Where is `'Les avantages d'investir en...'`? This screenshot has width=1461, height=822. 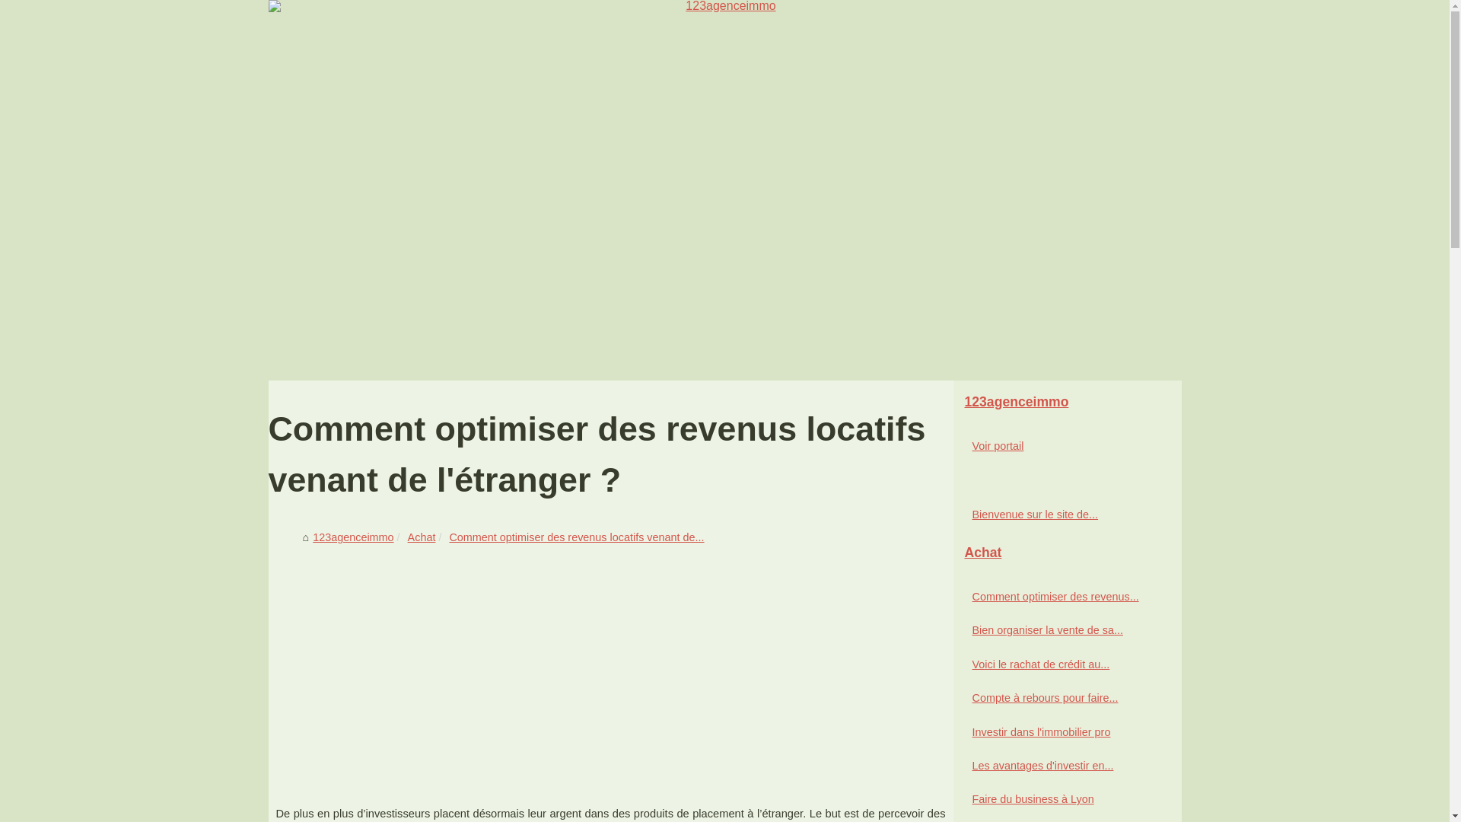
'Les avantages d'investir en...' is located at coordinates (1058, 766).